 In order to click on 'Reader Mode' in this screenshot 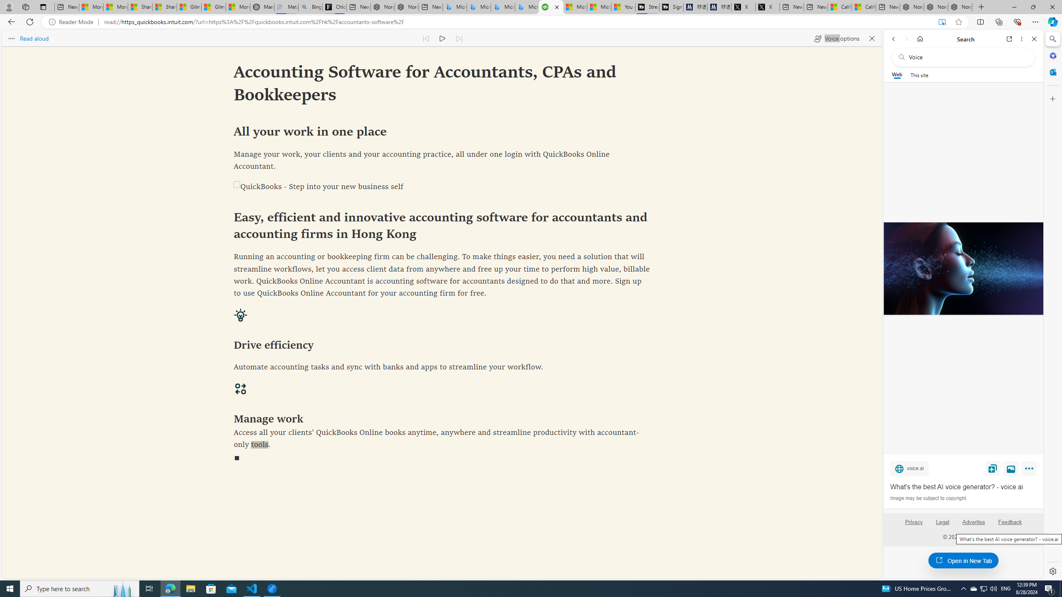, I will do `click(73, 22)`.